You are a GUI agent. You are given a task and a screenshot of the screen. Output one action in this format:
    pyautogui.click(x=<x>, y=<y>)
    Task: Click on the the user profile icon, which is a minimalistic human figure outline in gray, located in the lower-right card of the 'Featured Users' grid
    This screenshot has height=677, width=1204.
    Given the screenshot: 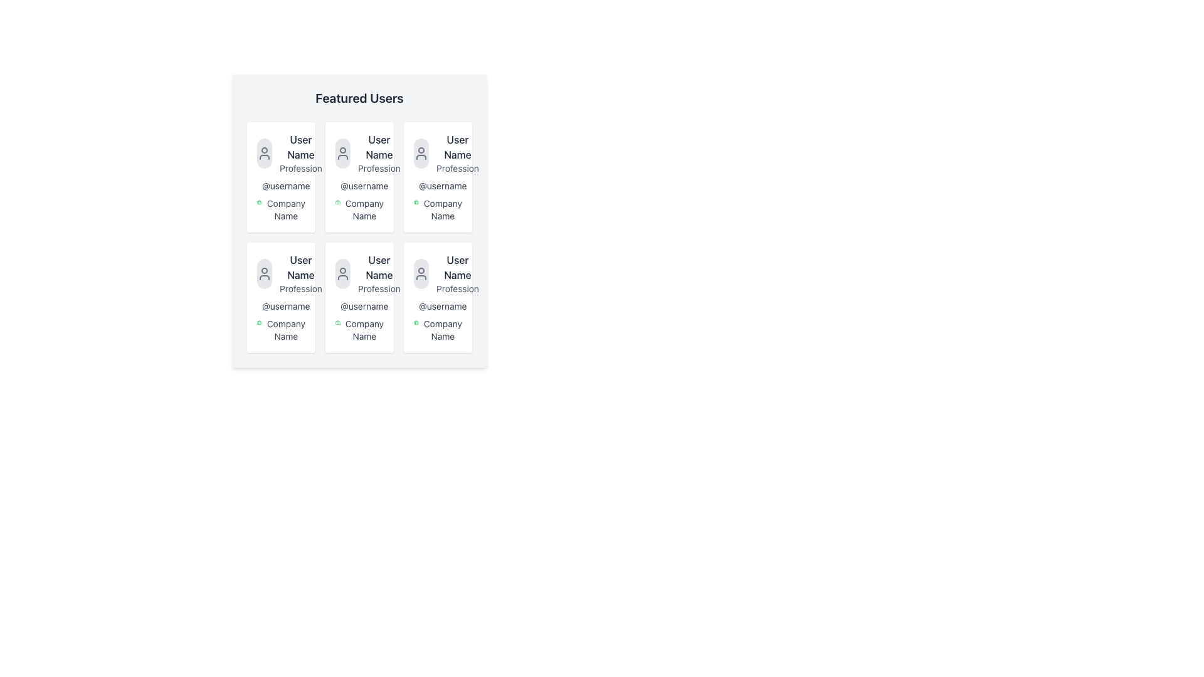 What is the action you would take?
    pyautogui.click(x=421, y=273)
    